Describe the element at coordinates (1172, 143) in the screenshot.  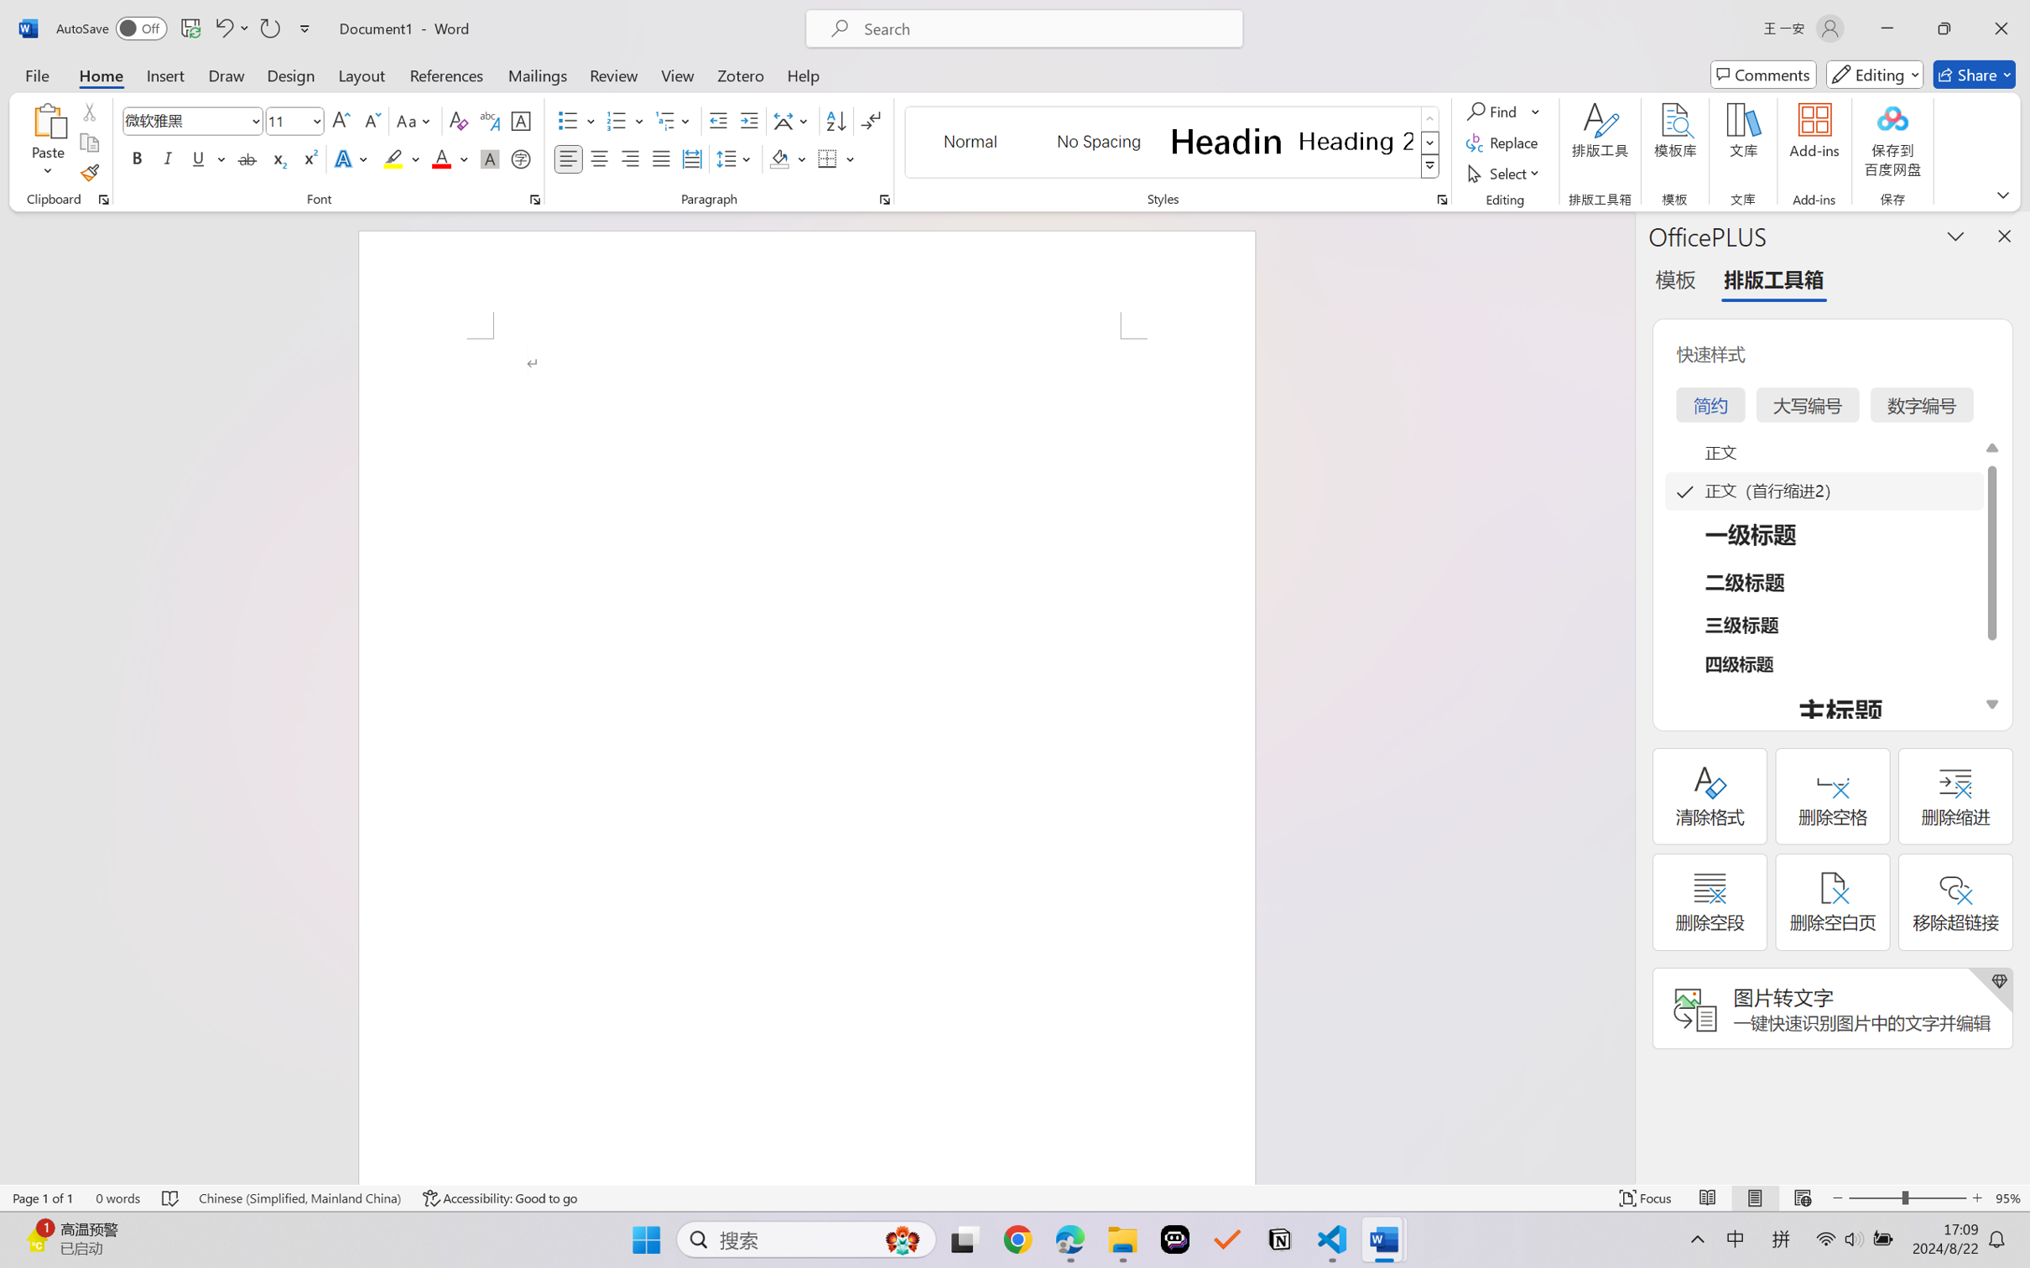
I see `'AutomationID: QuickStylesGallery'` at that location.